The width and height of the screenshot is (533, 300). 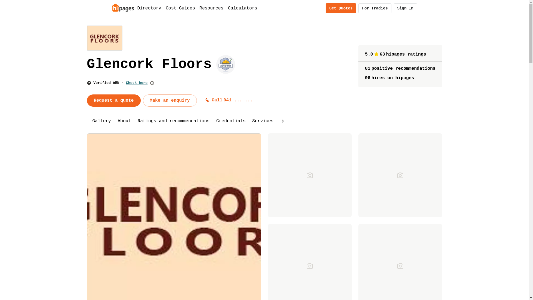 What do you see at coordinates (229, 100) in the screenshot?
I see `'Call` at bounding box center [229, 100].